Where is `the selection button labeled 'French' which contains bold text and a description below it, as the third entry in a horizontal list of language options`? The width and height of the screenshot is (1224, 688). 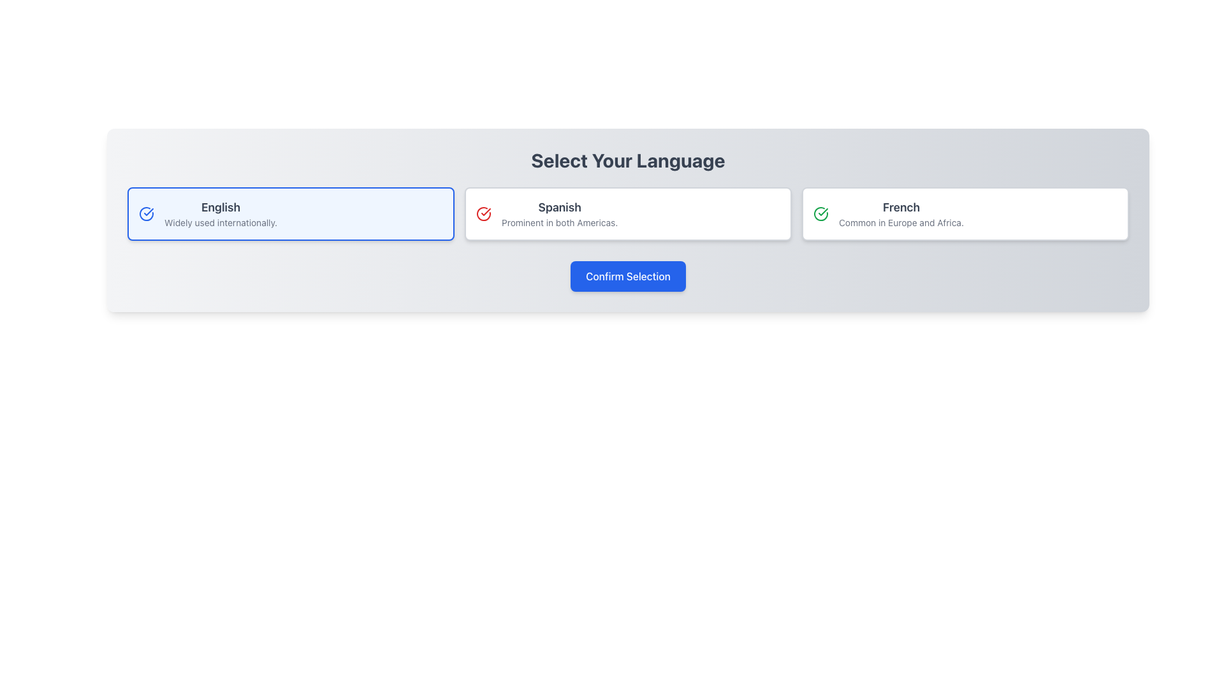
the selection button labeled 'French' which contains bold text and a description below it, as the third entry in a horizontal list of language options is located at coordinates (901, 213).